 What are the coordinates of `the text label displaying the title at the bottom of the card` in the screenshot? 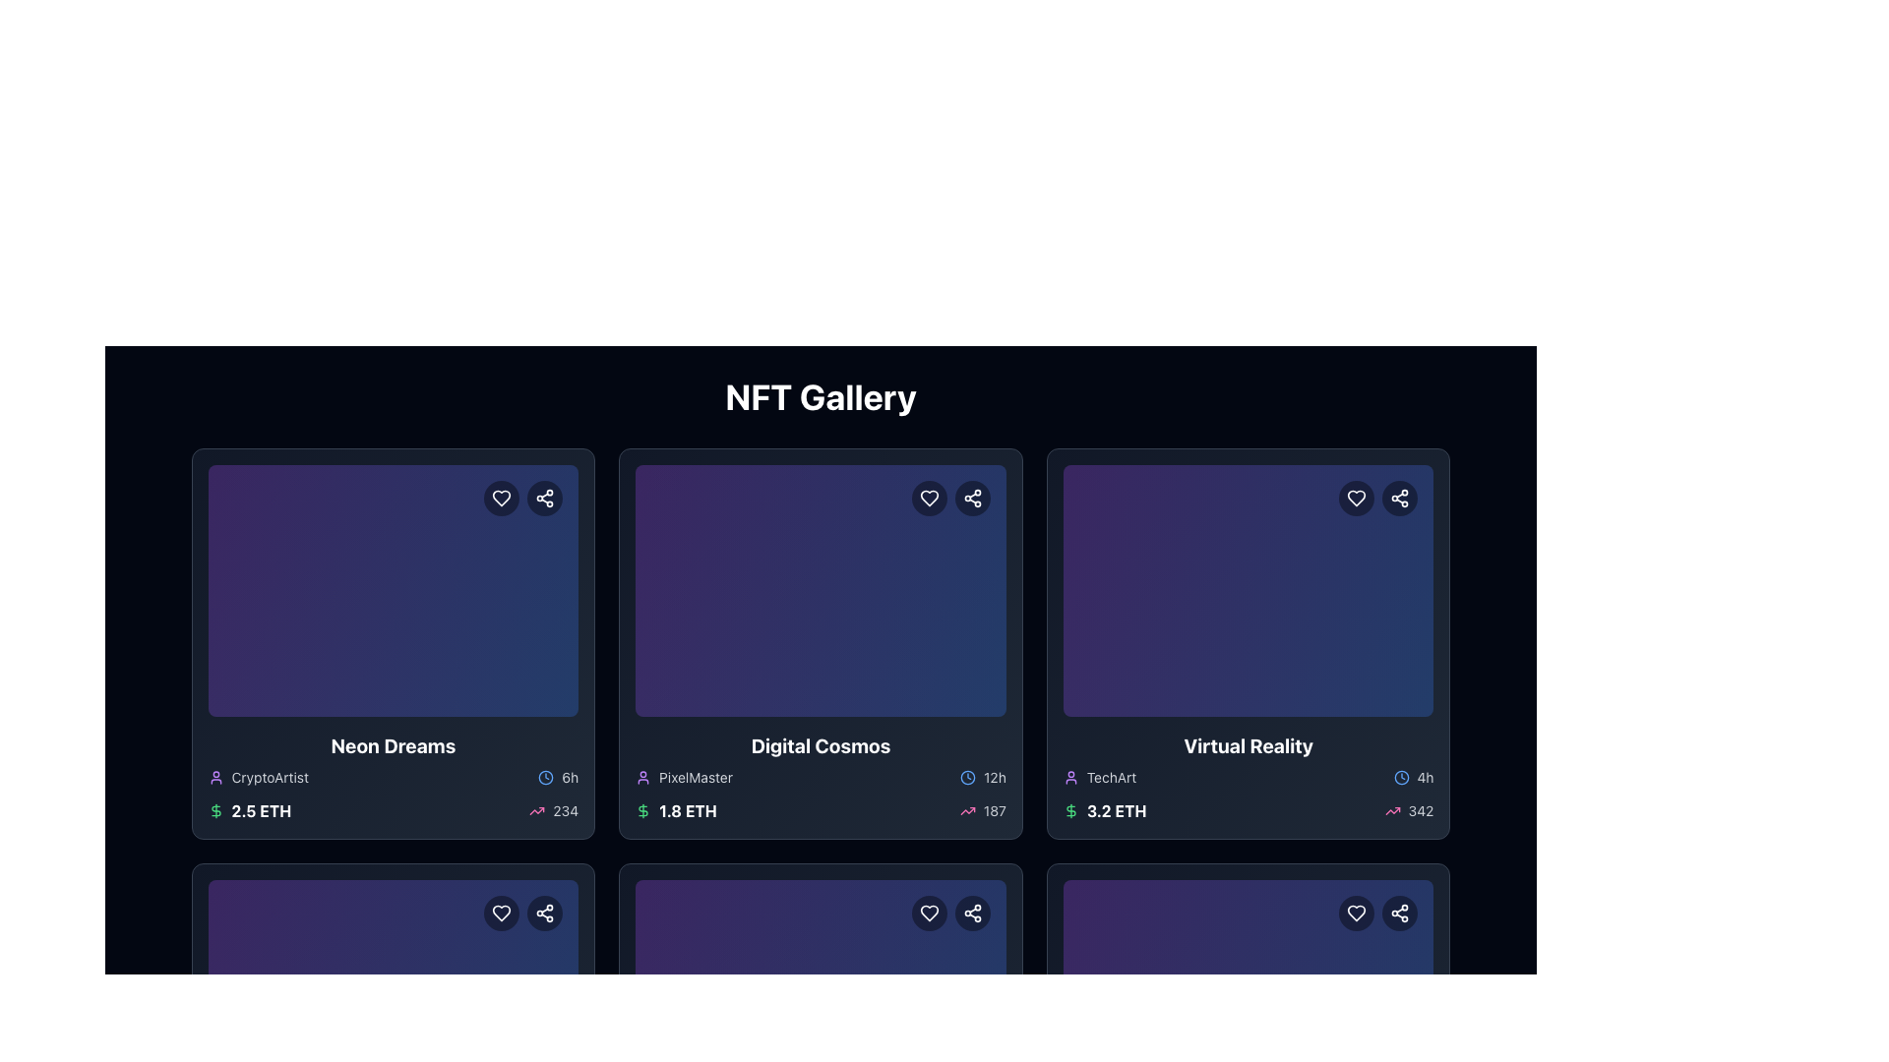 It's located at (393, 746).